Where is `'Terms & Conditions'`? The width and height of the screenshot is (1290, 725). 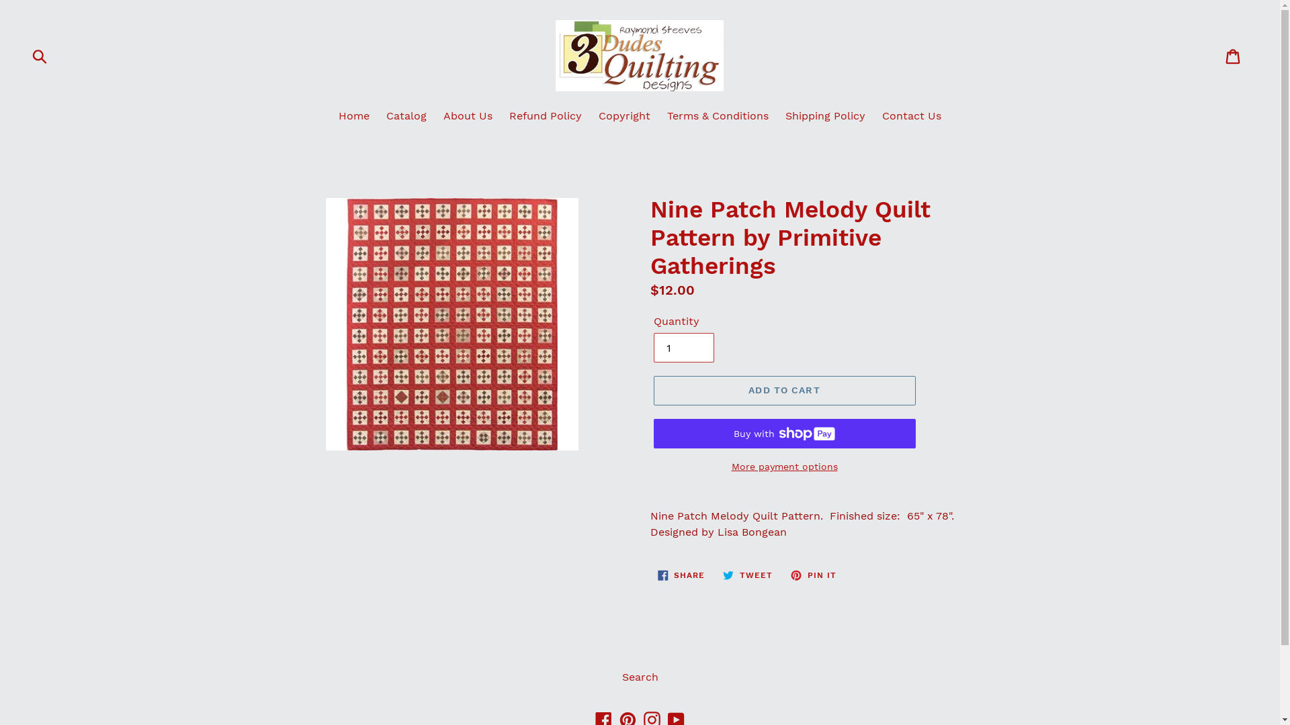 'Terms & Conditions' is located at coordinates (717, 116).